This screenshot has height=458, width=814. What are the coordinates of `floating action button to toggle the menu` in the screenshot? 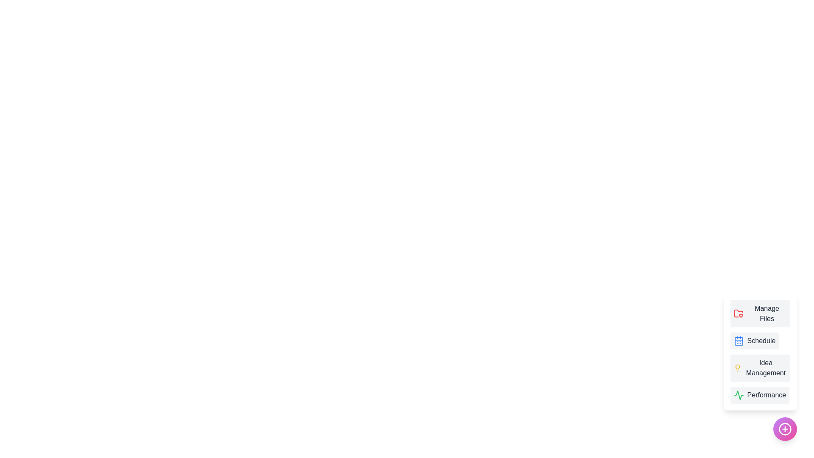 It's located at (785, 429).